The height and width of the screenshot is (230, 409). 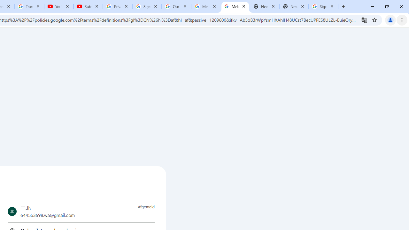 I want to click on 'YouTube', so click(x=59, y=6).